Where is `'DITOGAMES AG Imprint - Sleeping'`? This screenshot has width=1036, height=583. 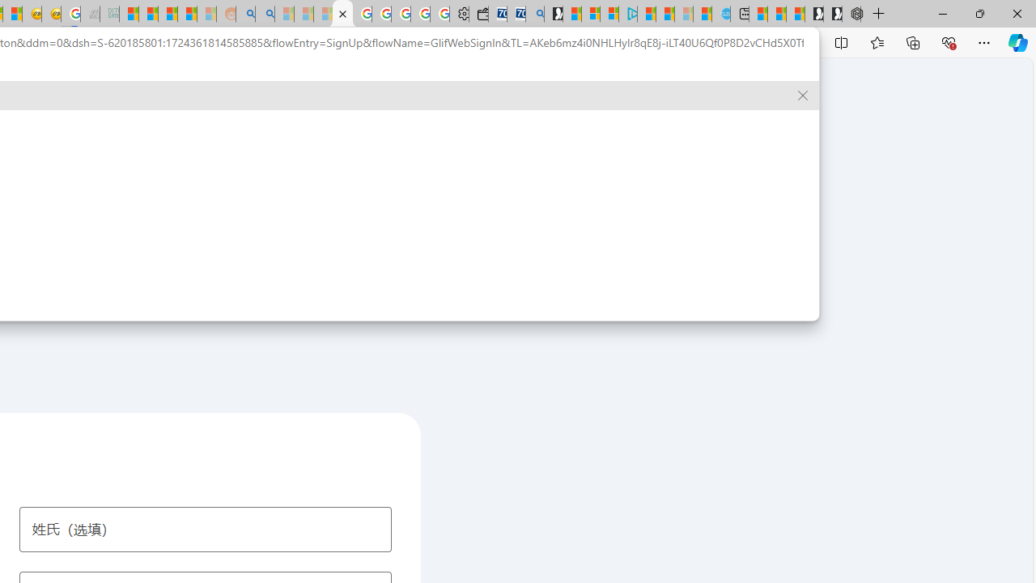
'DITOGAMES AG Imprint - Sleeping' is located at coordinates (108, 14).